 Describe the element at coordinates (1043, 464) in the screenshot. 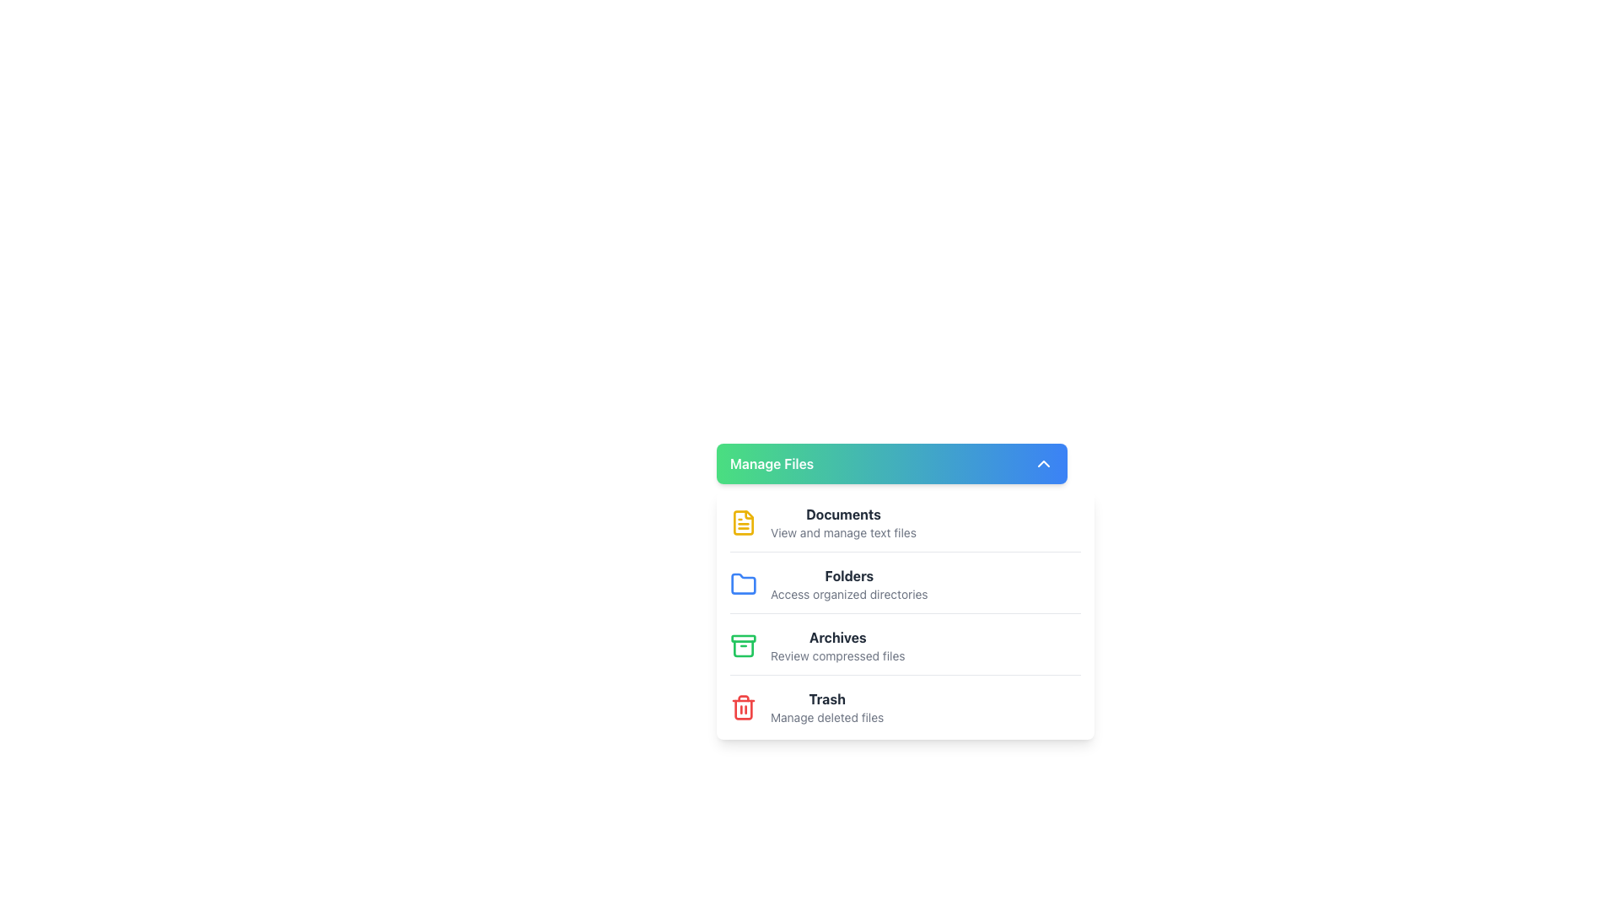

I see `the chevron icon located within the 'Manage Files' button` at that location.